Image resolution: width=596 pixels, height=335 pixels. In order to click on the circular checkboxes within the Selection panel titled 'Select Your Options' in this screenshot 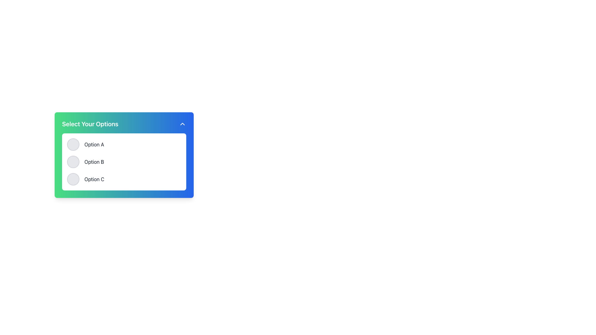, I will do `click(124, 163)`.